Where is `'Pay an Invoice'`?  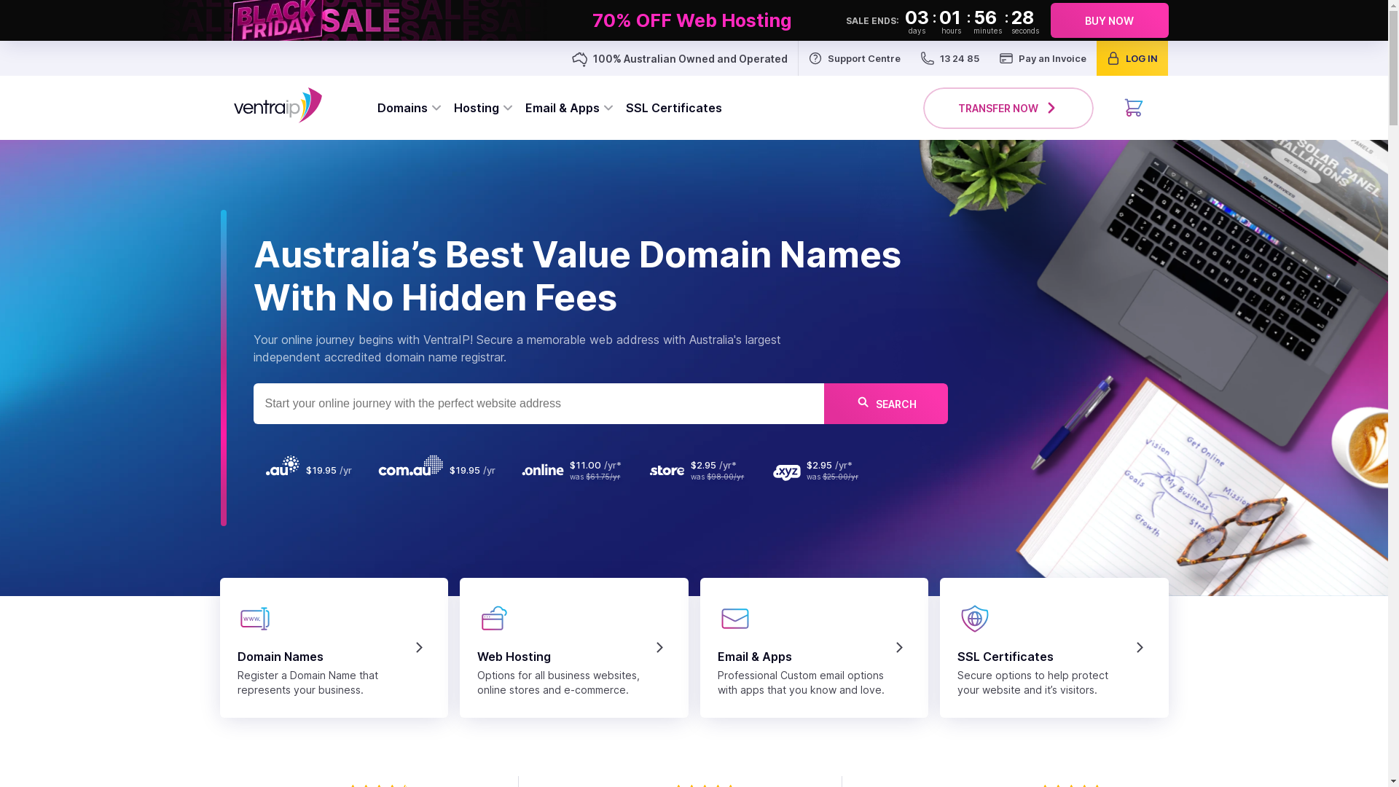 'Pay an Invoice' is located at coordinates (1042, 58).